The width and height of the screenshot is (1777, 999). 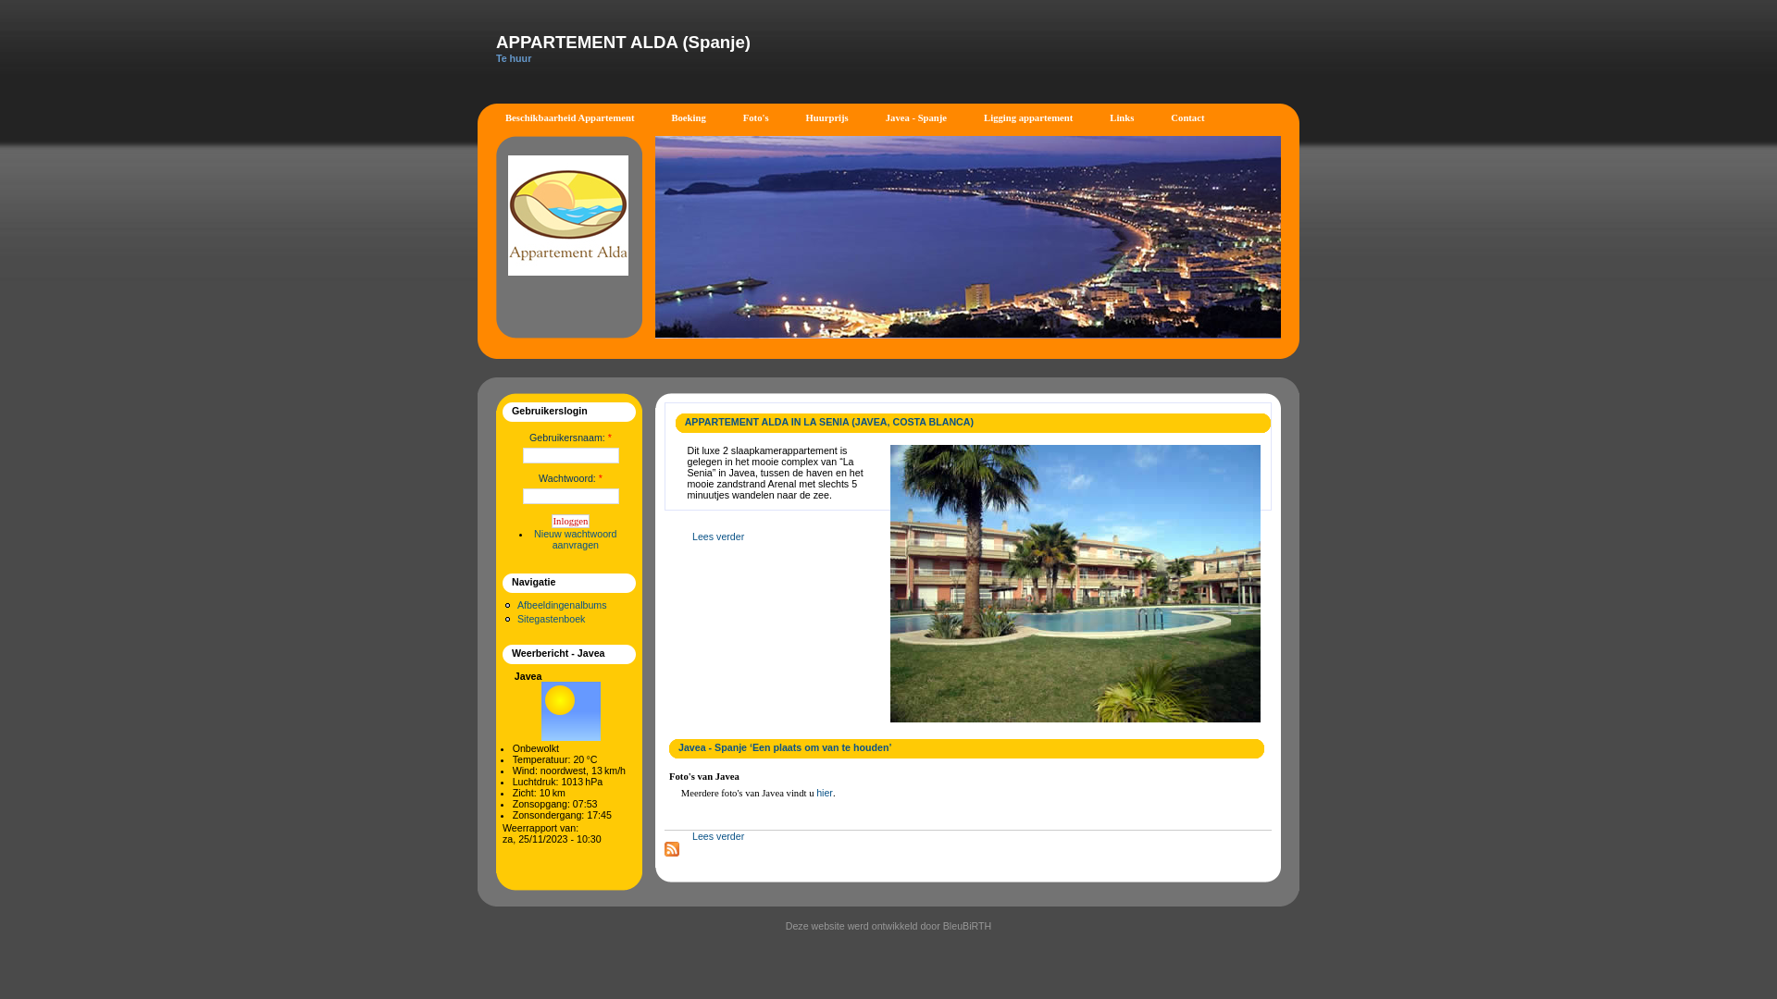 What do you see at coordinates (568, 117) in the screenshot?
I see `'Beschikbaarheid Appartement'` at bounding box center [568, 117].